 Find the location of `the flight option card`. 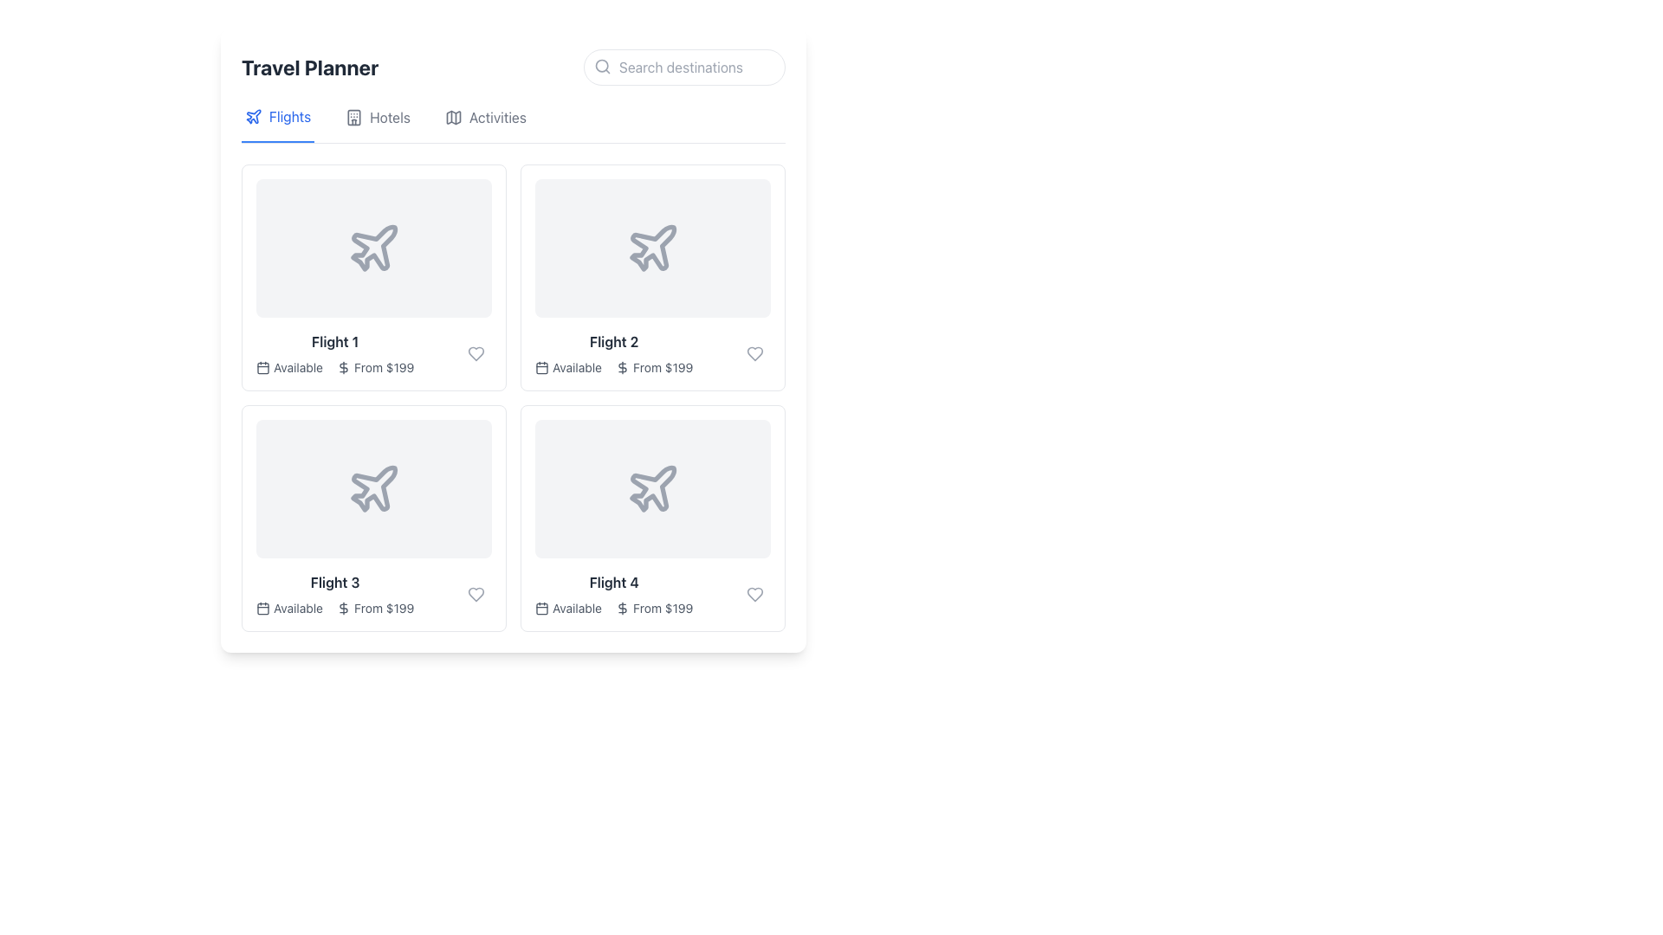

the flight option card is located at coordinates (373, 517).